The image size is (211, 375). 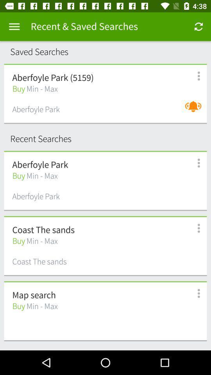 What do you see at coordinates (194, 228) in the screenshot?
I see `settings` at bounding box center [194, 228].